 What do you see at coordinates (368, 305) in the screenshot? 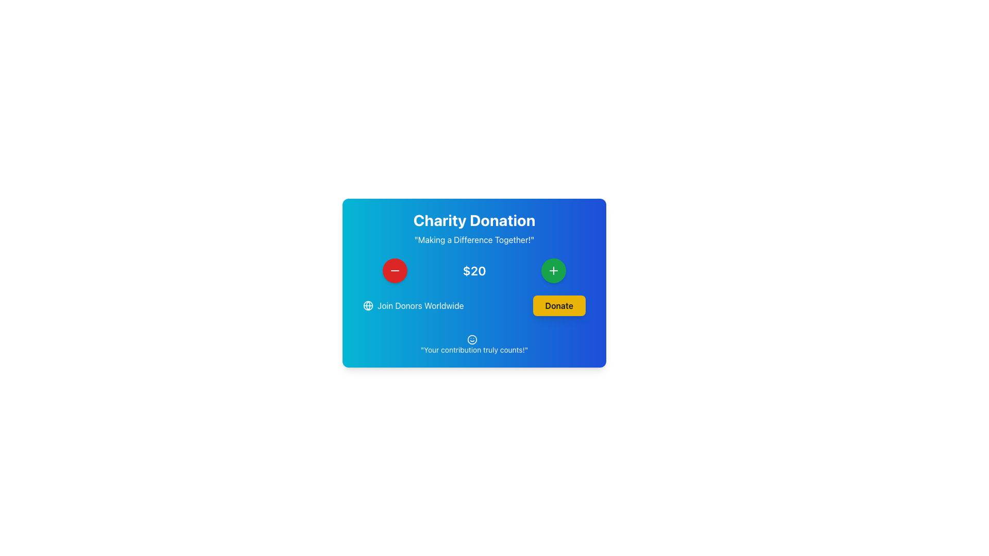
I see `the globe icon that represents worldwide reach, associated with the text 'Join Donors Worldwide', located in the lower left section of the card` at bounding box center [368, 305].